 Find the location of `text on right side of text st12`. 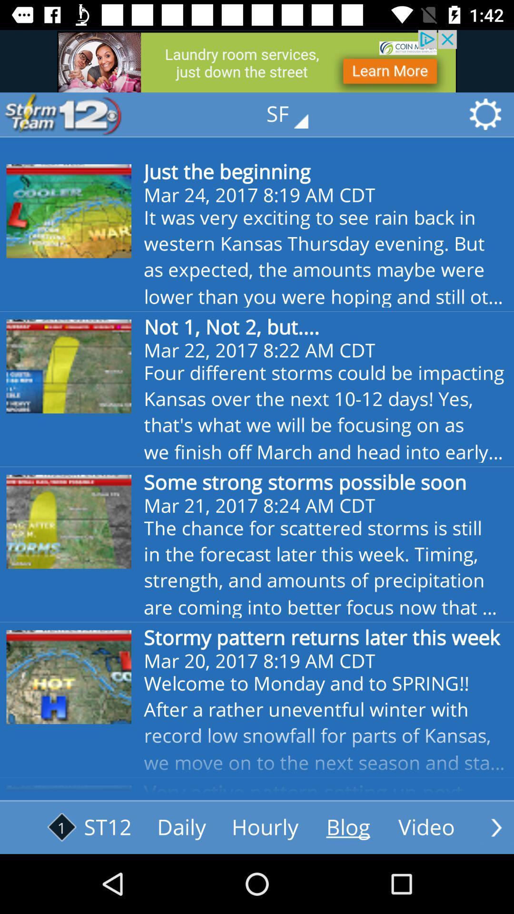

text on right side of text st12 is located at coordinates (181, 827).